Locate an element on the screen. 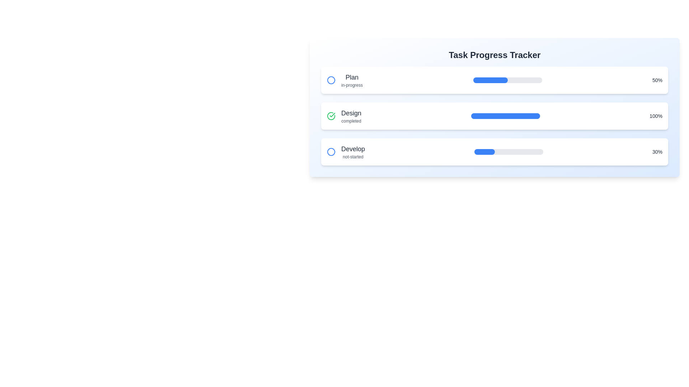 The height and width of the screenshot is (387, 689). the text label indicating the completion percentage for the 'Design' task located at the far right end of the task card is located at coordinates (656, 116).